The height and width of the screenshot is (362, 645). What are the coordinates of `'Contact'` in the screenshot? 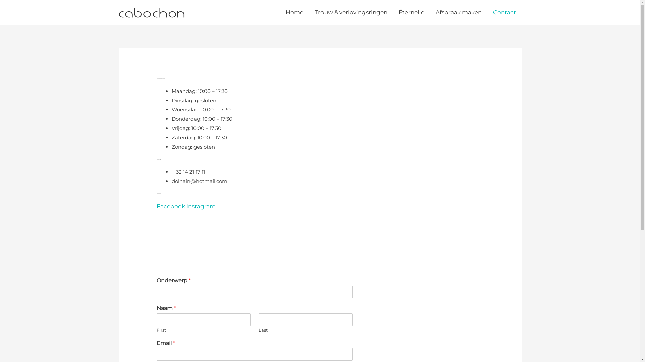 It's located at (504, 12).